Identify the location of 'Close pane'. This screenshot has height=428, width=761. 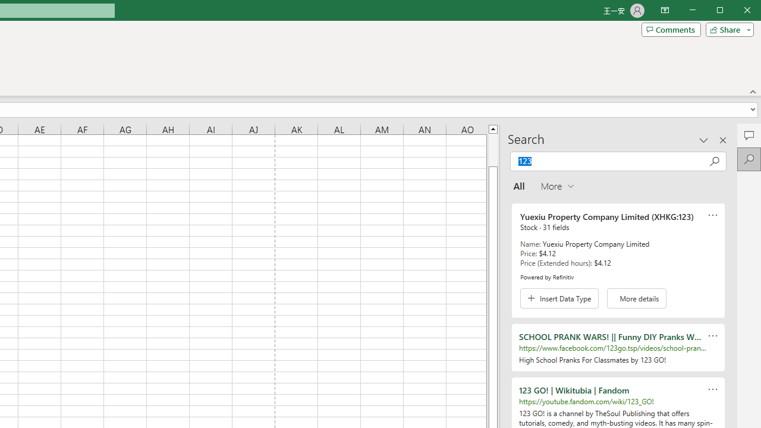
(722, 139).